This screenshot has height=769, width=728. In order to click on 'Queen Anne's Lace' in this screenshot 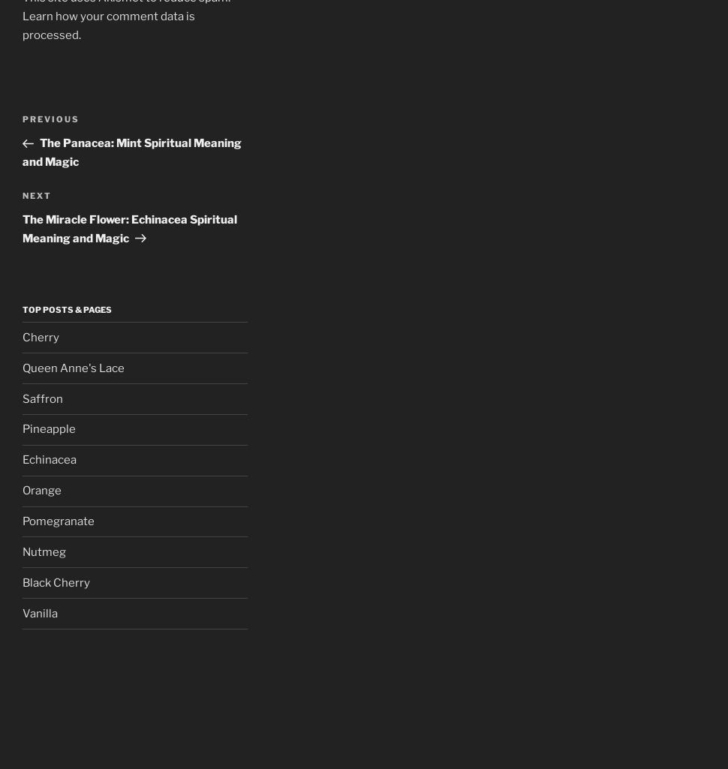, I will do `click(73, 367)`.